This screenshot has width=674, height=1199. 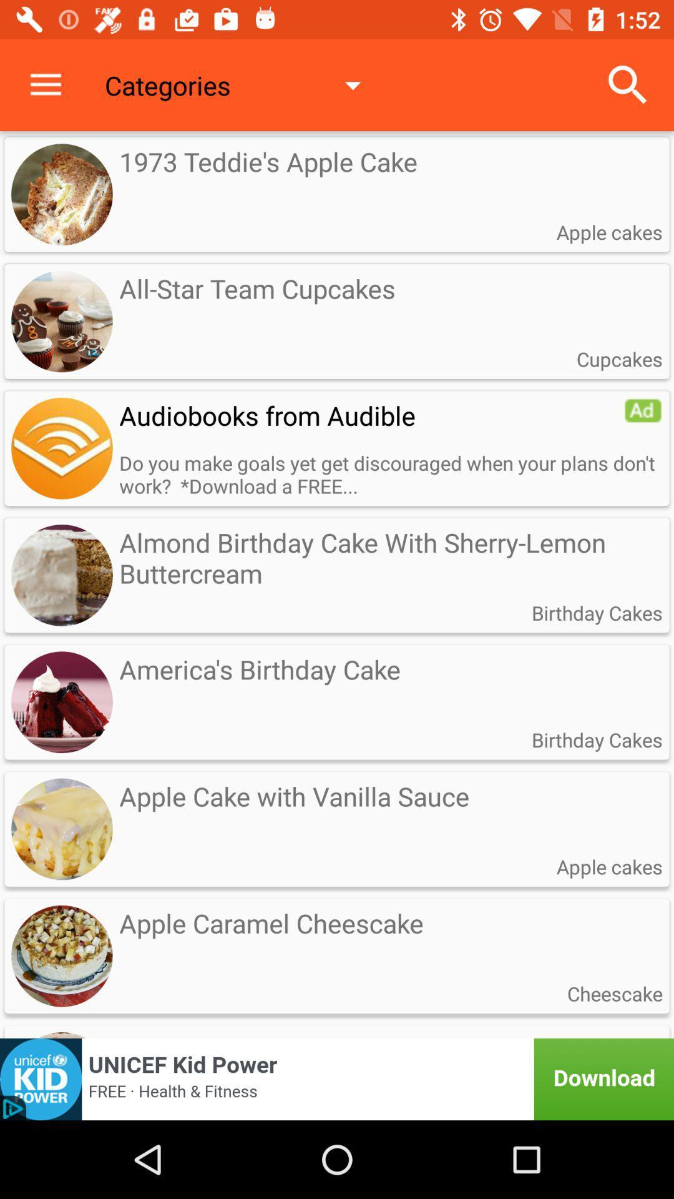 What do you see at coordinates (628, 84) in the screenshot?
I see `icon next to categories item` at bounding box center [628, 84].